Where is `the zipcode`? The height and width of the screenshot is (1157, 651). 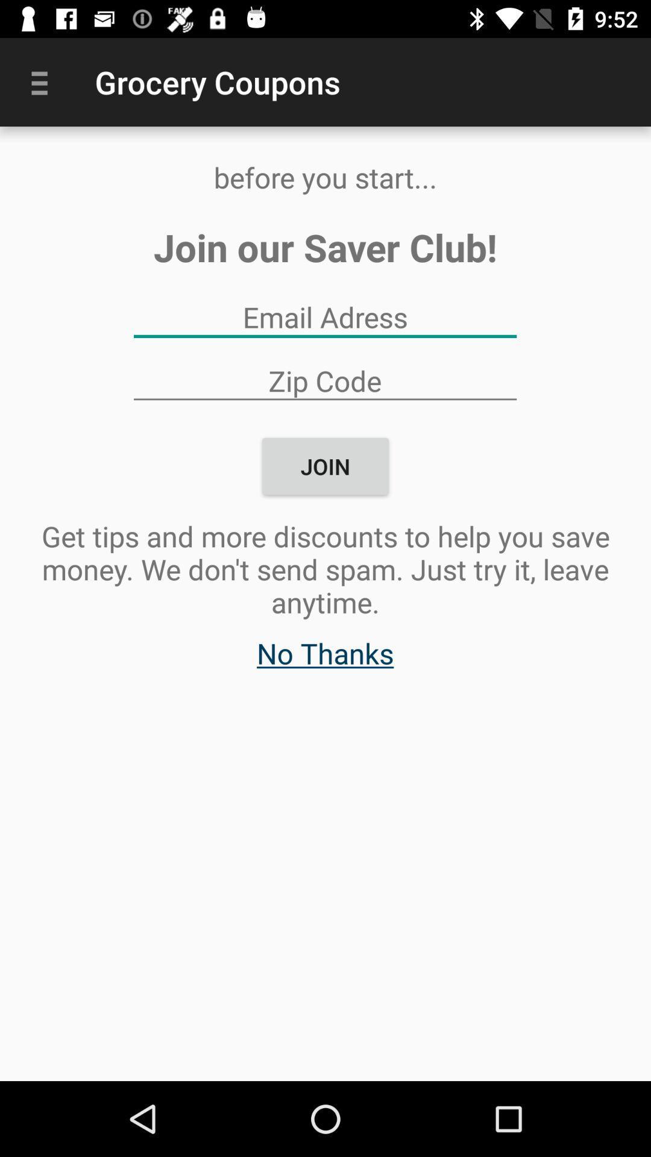
the zipcode is located at coordinates (324, 380).